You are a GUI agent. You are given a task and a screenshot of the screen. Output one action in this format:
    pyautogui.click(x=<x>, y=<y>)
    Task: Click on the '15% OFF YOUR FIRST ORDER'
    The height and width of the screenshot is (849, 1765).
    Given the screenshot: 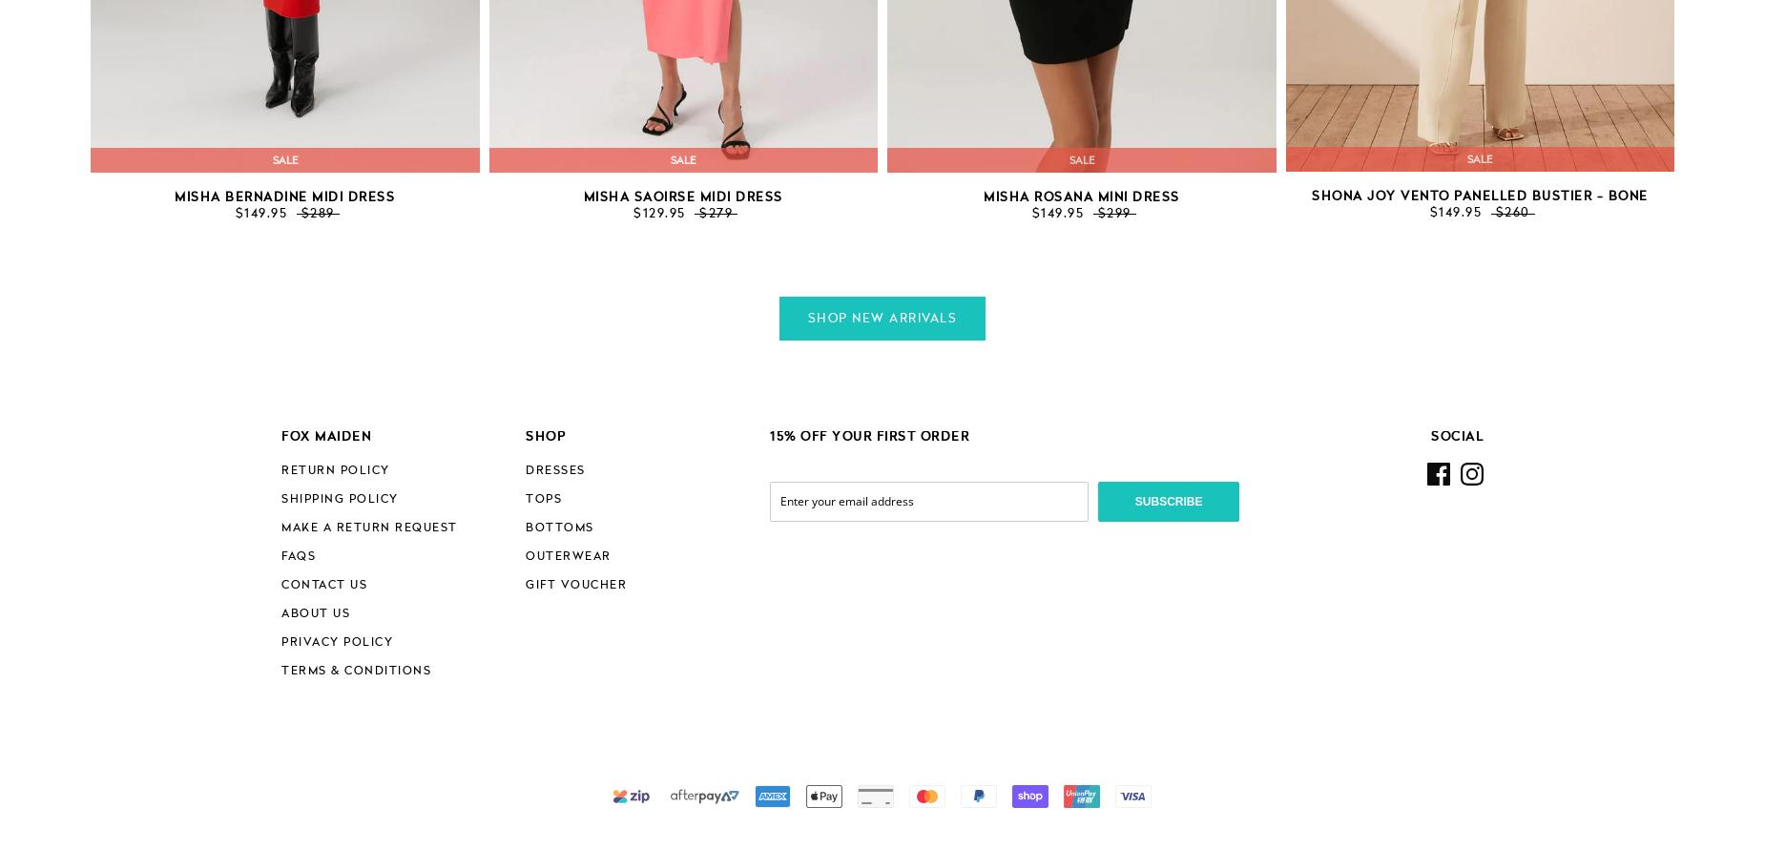 What is the action you would take?
    pyautogui.click(x=869, y=436)
    